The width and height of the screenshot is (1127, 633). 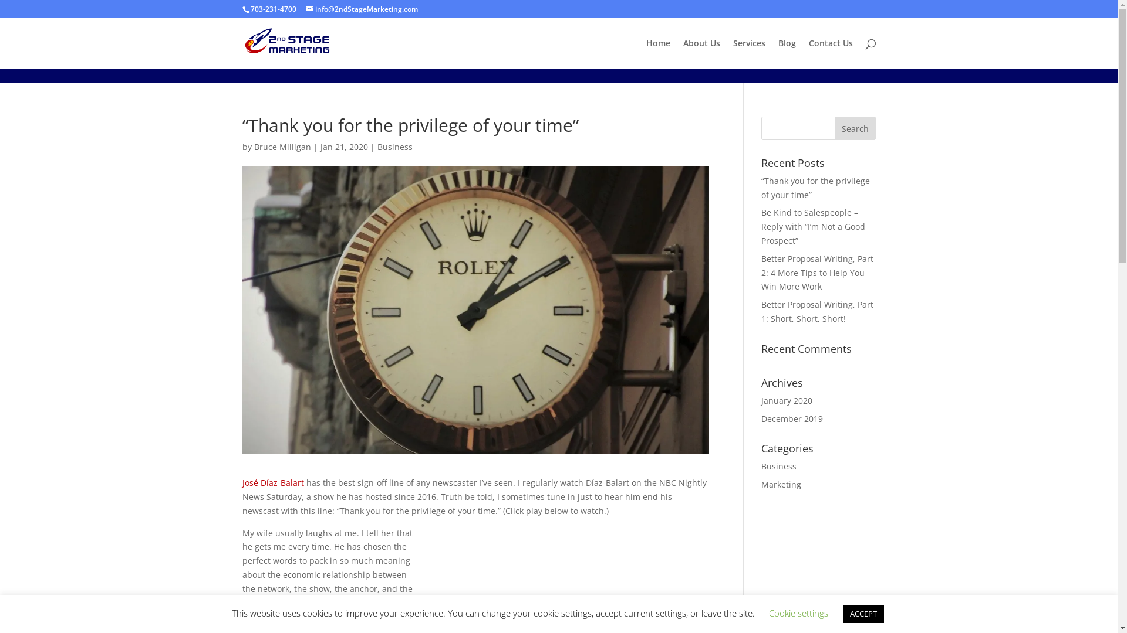 I want to click on 'Bruce Milligan', so click(x=253, y=146).